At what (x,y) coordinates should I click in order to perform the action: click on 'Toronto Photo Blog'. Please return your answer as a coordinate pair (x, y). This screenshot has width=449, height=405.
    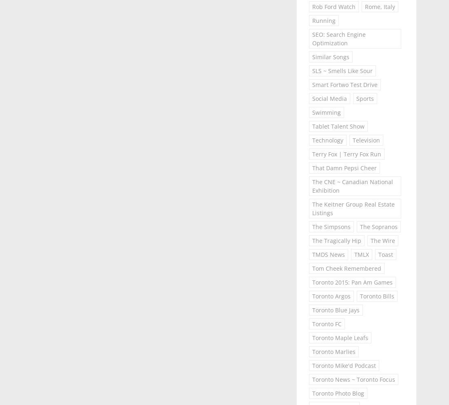
    Looking at the image, I should click on (337, 393).